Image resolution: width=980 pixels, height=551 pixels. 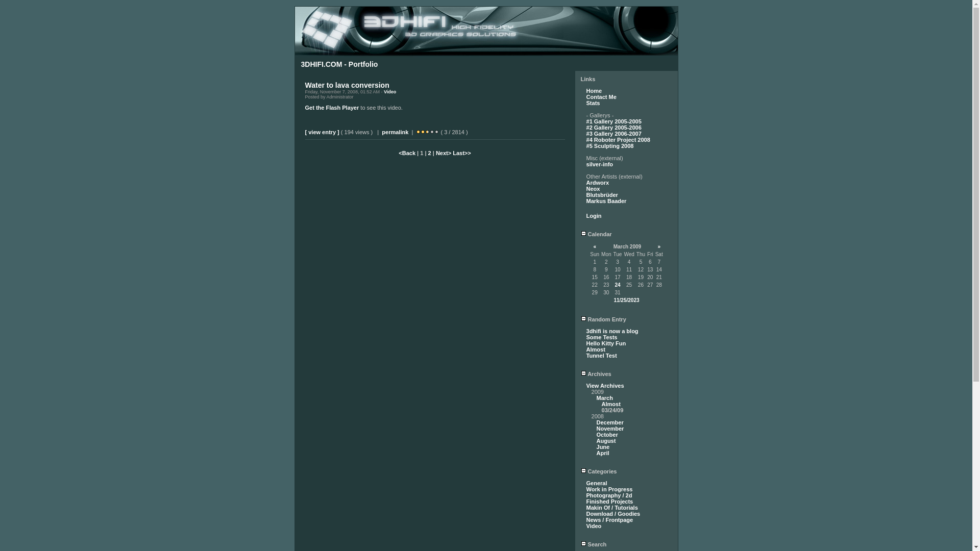 I want to click on '#5 Sculpting 2008', so click(x=610, y=145).